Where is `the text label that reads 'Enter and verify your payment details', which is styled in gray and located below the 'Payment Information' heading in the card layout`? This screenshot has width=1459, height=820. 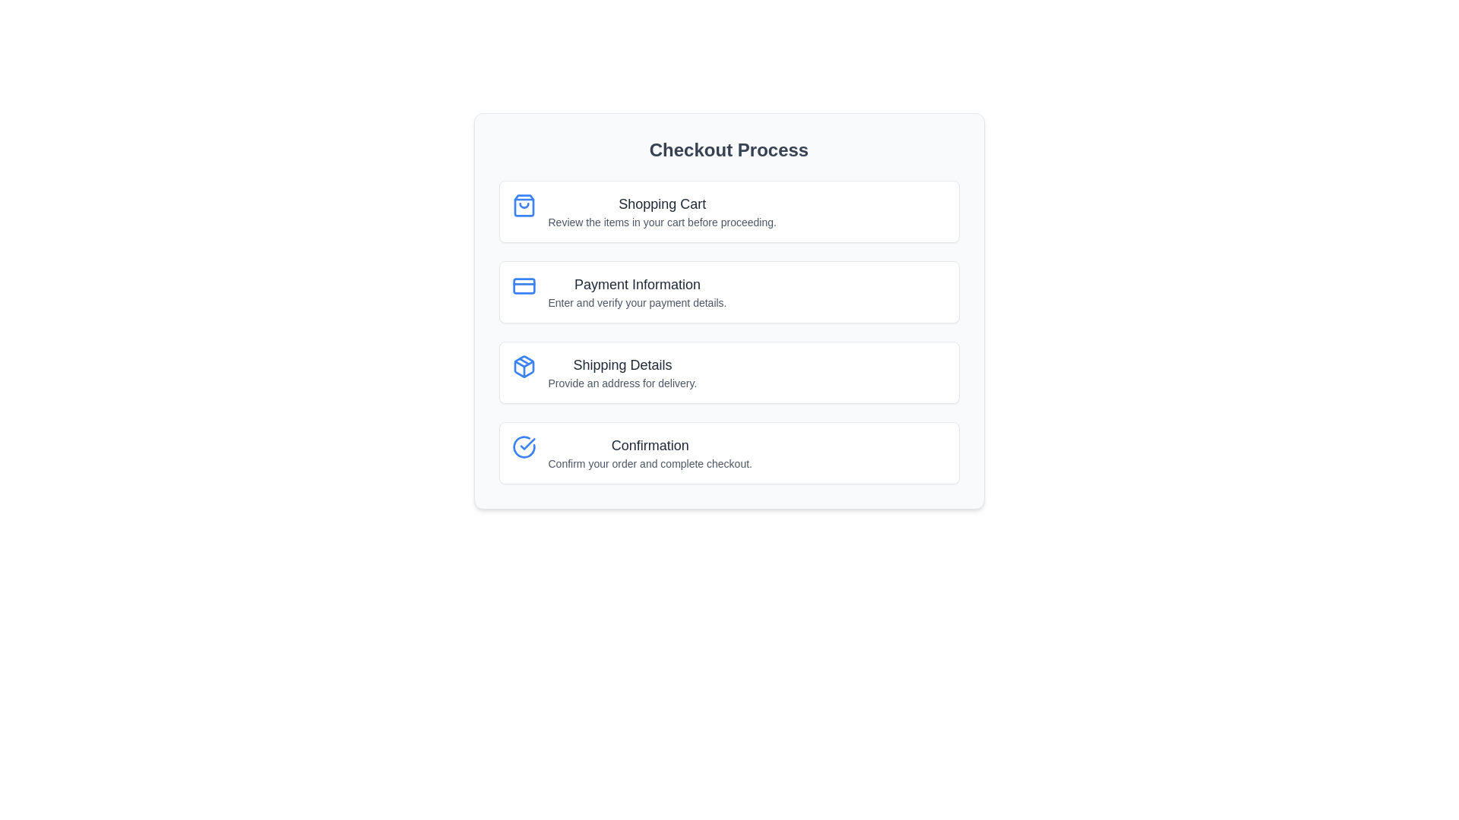 the text label that reads 'Enter and verify your payment details', which is styled in gray and located below the 'Payment Information' heading in the card layout is located at coordinates (638, 302).